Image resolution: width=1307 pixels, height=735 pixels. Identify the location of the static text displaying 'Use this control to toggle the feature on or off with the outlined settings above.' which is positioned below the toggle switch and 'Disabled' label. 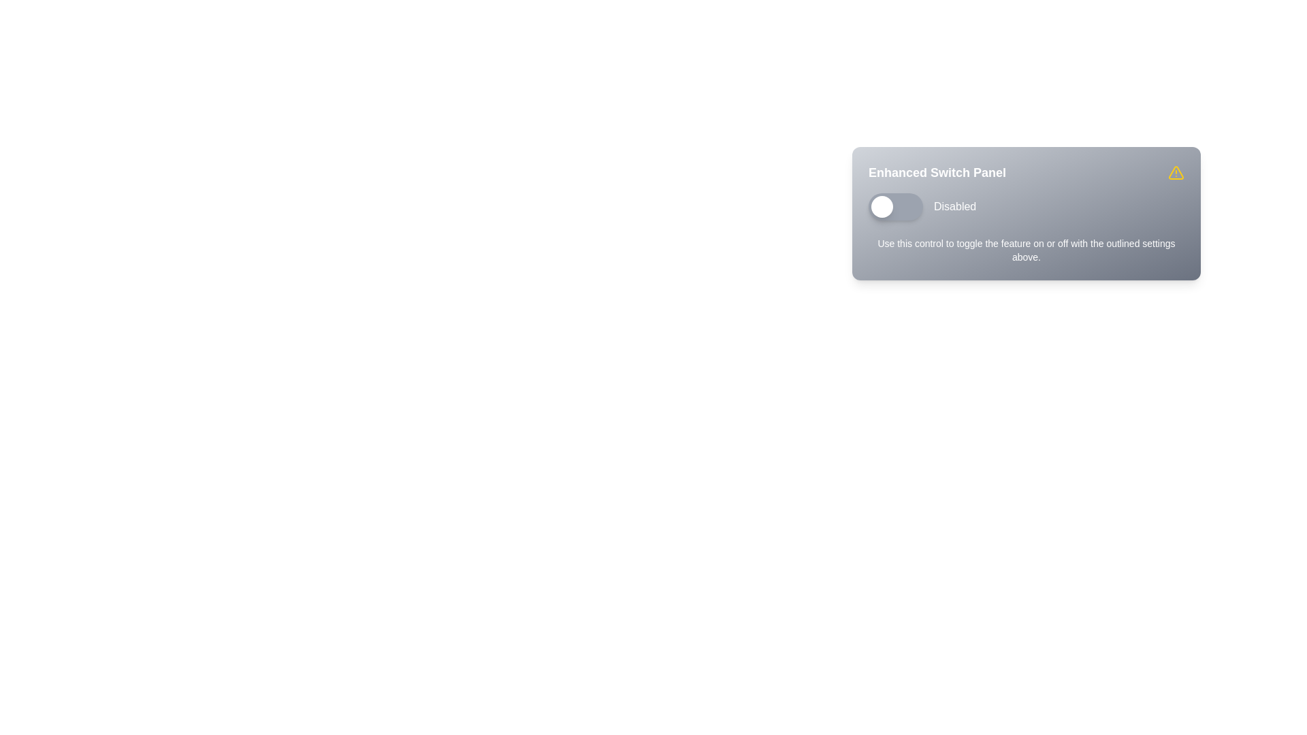
(1026, 250).